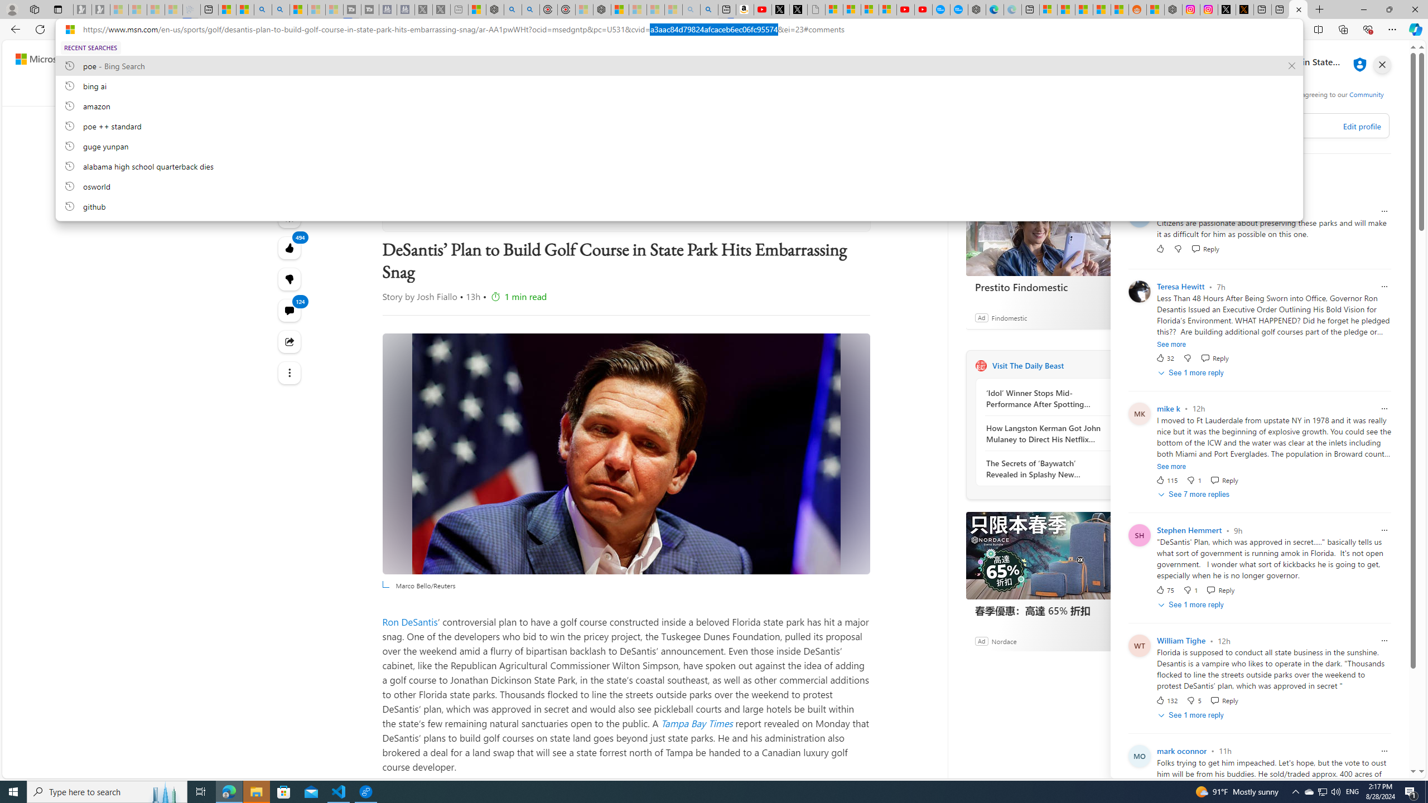 The width and height of the screenshot is (1428, 803). What do you see at coordinates (1049, 231) in the screenshot?
I see `'Prestito Findomestic'` at bounding box center [1049, 231].